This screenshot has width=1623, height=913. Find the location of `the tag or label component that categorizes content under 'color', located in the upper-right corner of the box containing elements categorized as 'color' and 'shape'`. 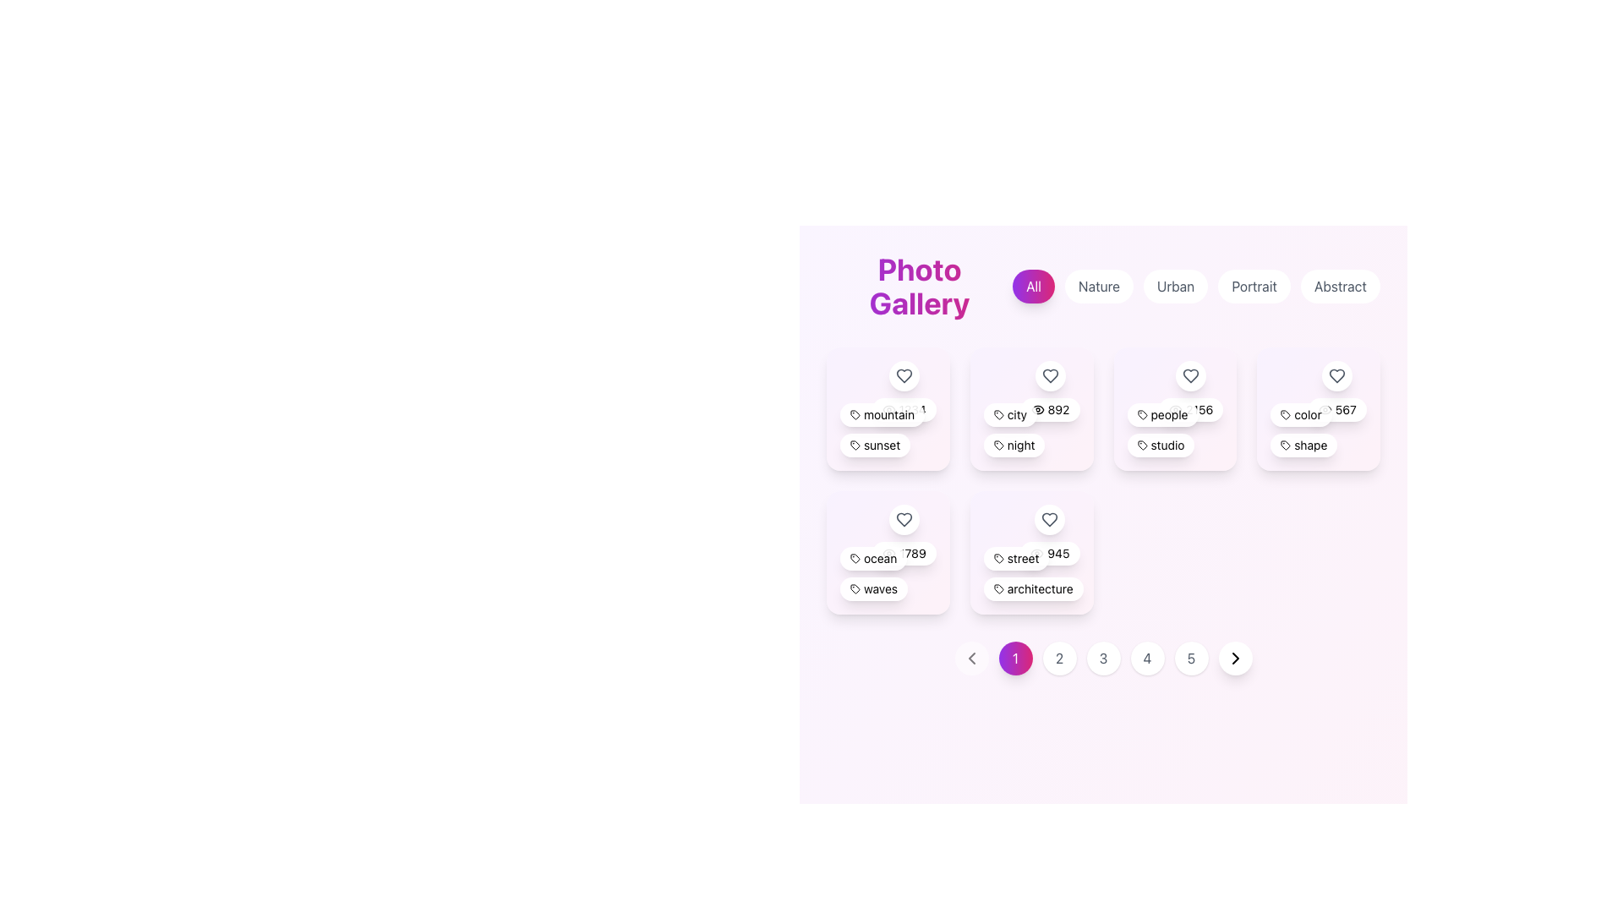

the tag or label component that categorizes content under 'color', located in the upper-right corner of the box containing elements categorized as 'color' and 'shape' is located at coordinates (1300, 414).